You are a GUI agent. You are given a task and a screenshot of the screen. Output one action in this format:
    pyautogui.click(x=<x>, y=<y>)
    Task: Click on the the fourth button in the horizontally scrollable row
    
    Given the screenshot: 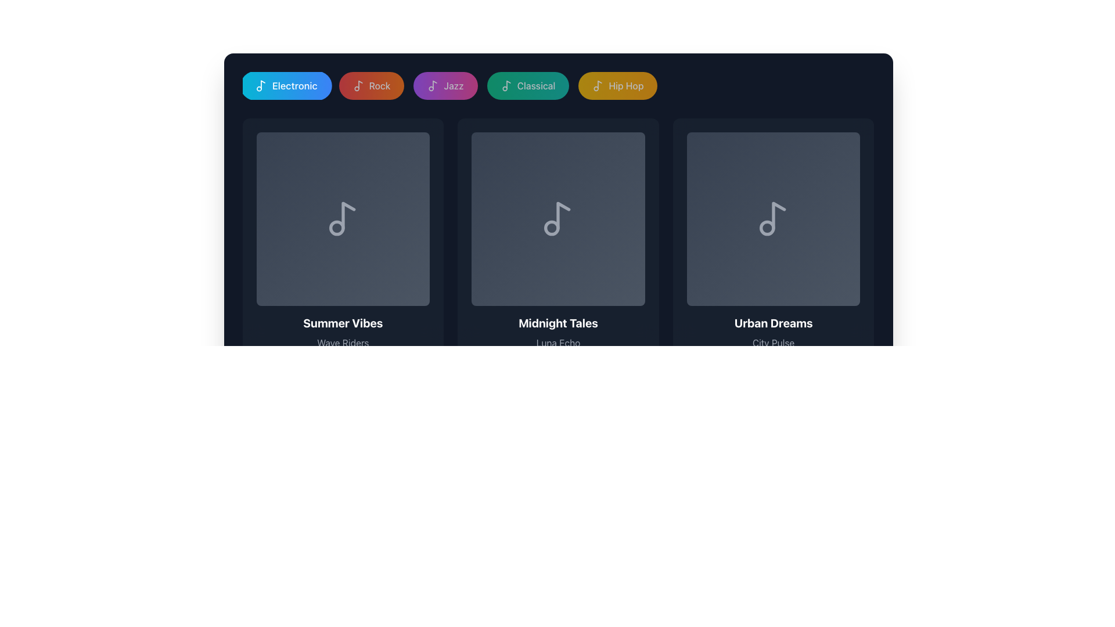 What is the action you would take?
    pyautogui.click(x=558, y=85)
    